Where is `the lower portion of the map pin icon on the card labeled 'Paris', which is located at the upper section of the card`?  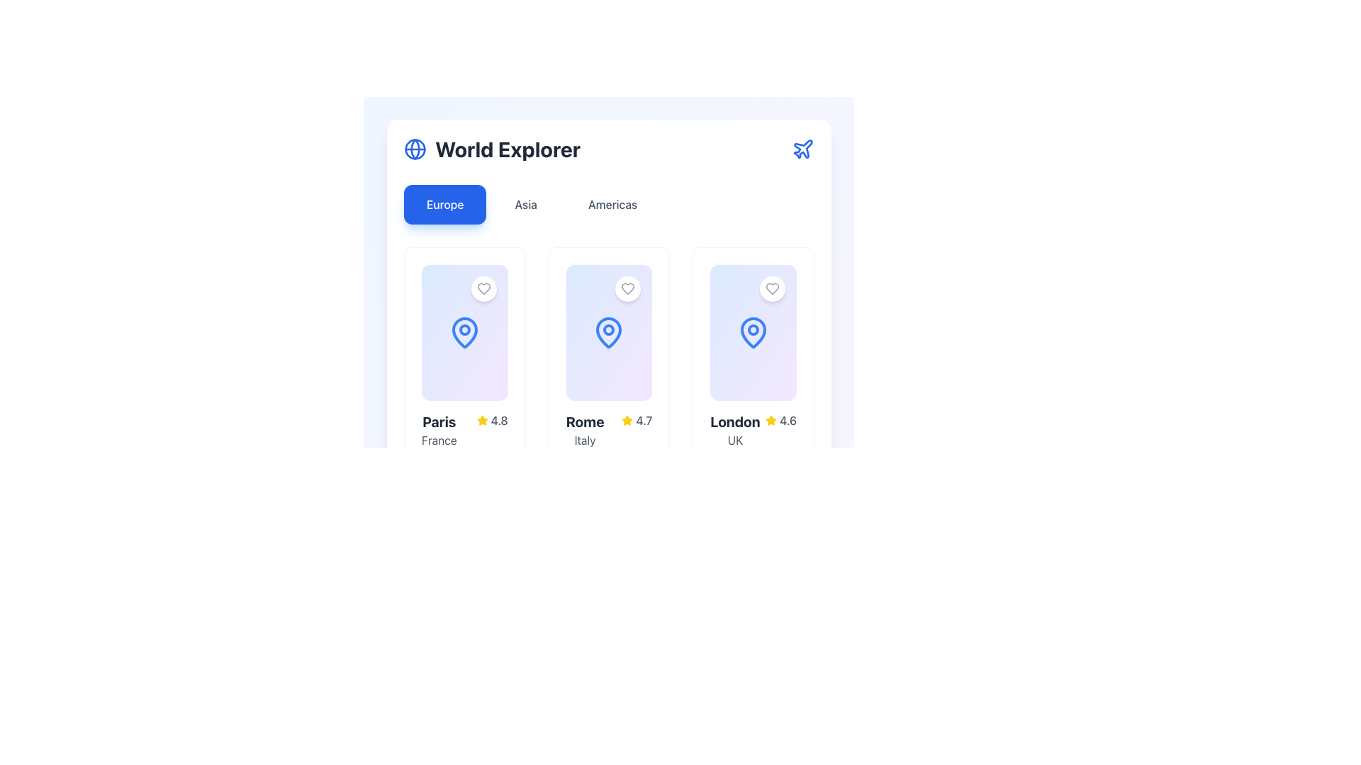 the lower portion of the map pin icon on the card labeled 'Paris', which is located at the upper section of the card is located at coordinates (464, 333).